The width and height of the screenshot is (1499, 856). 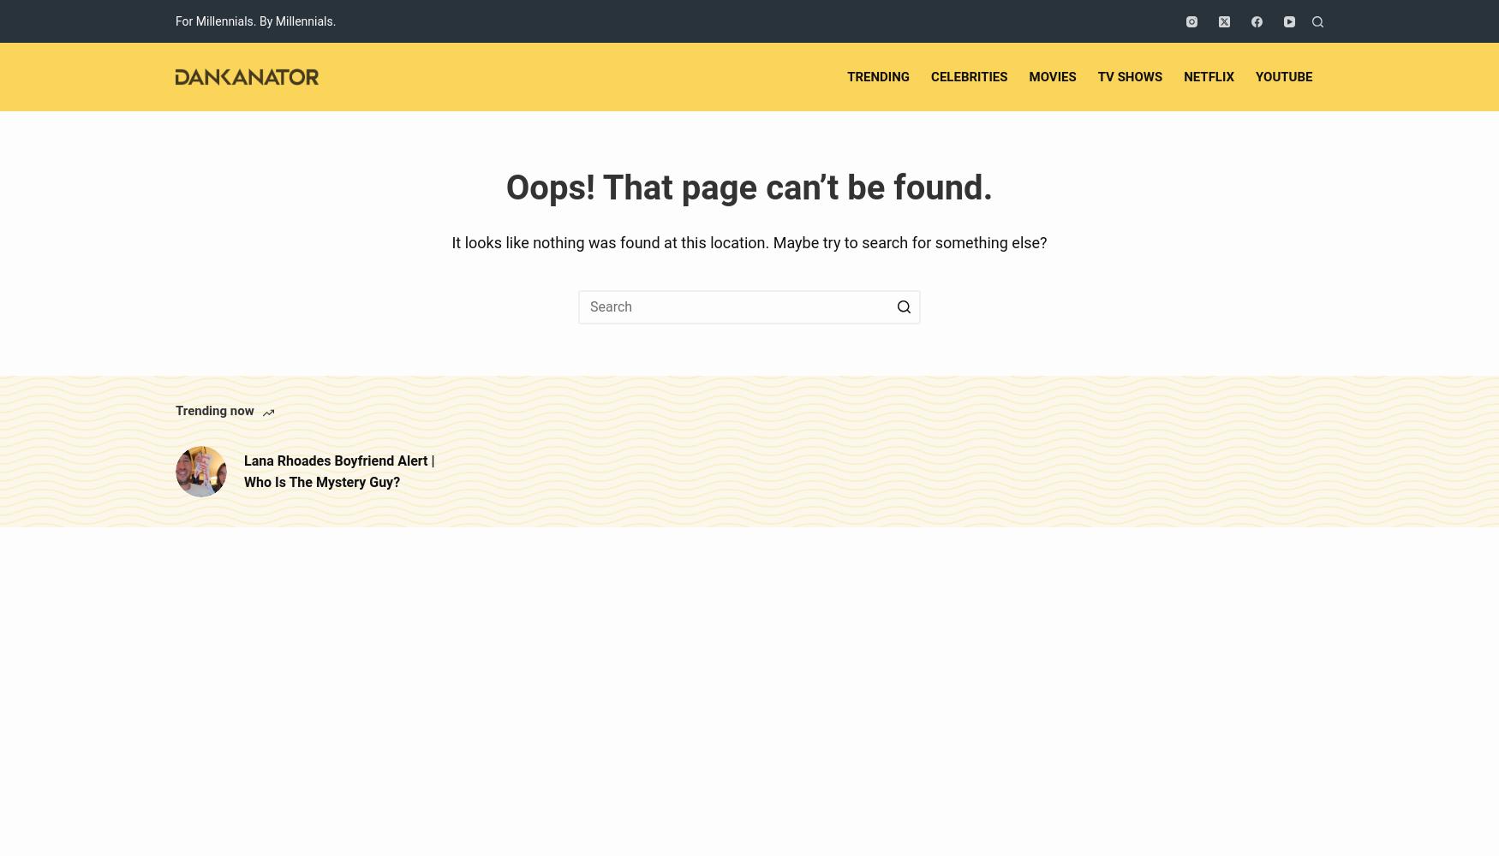 What do you see at coordinates (338, 471) in the screenshot?
I see `'Lana Rhoades Boyfriend Alert | Who Is The Mystery Guy?'` at bounding box center [338, 471].